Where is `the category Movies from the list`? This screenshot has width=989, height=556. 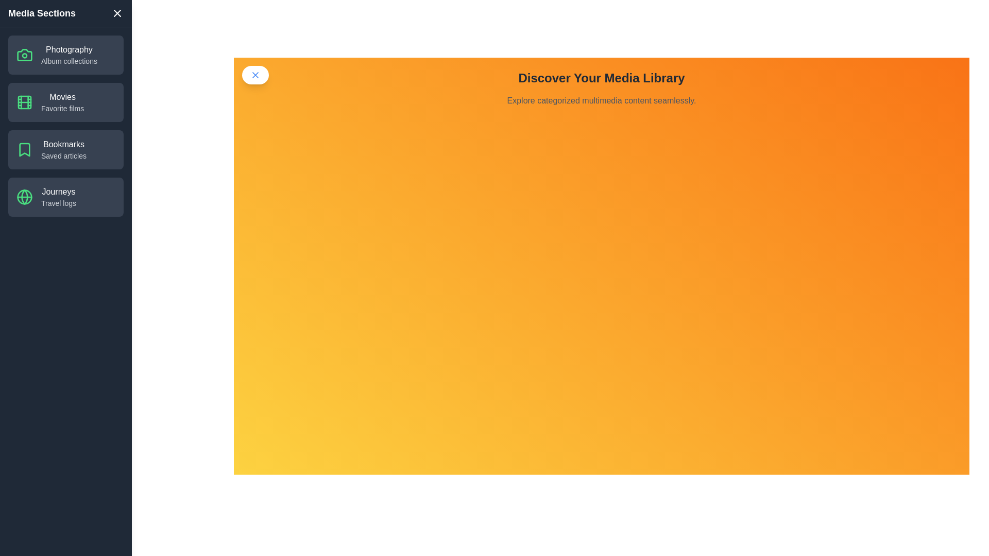
the category Movies from the list is located at coordinates (65, 102).